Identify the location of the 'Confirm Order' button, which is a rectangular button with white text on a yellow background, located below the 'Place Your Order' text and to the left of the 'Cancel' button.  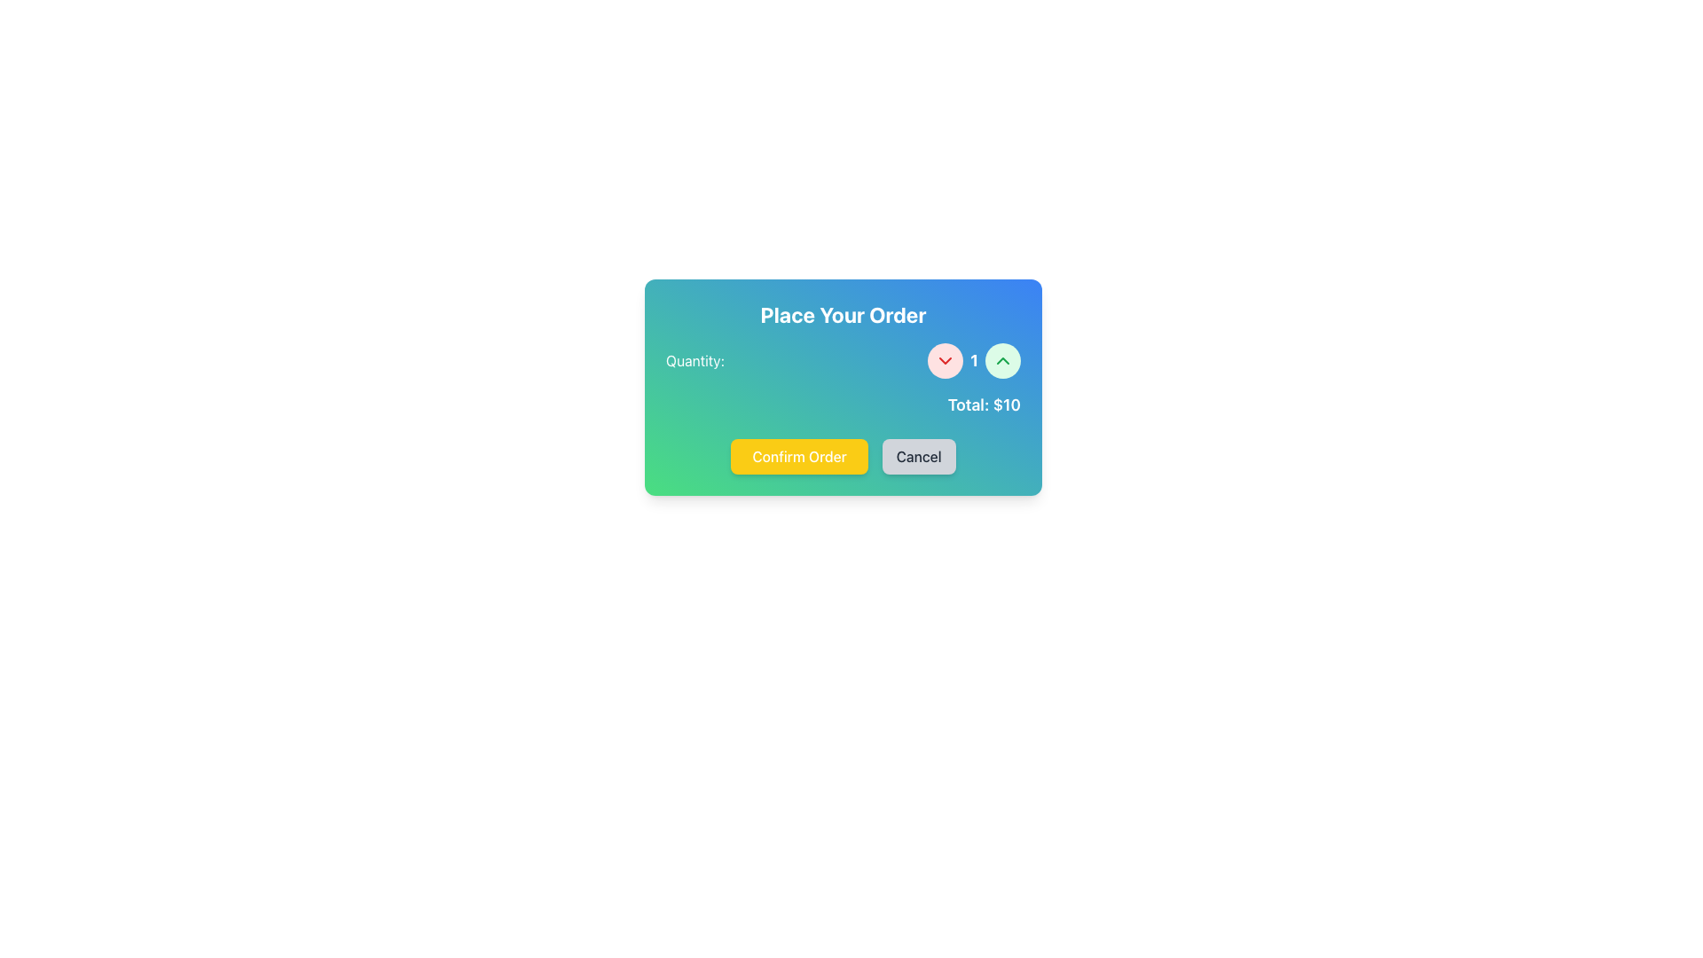
(798, 456).